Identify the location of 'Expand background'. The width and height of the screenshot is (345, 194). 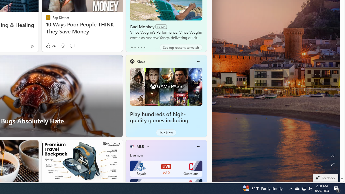
(332, 164).